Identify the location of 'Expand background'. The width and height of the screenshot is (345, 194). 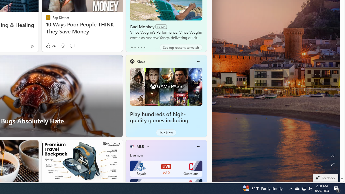
(332, 164).